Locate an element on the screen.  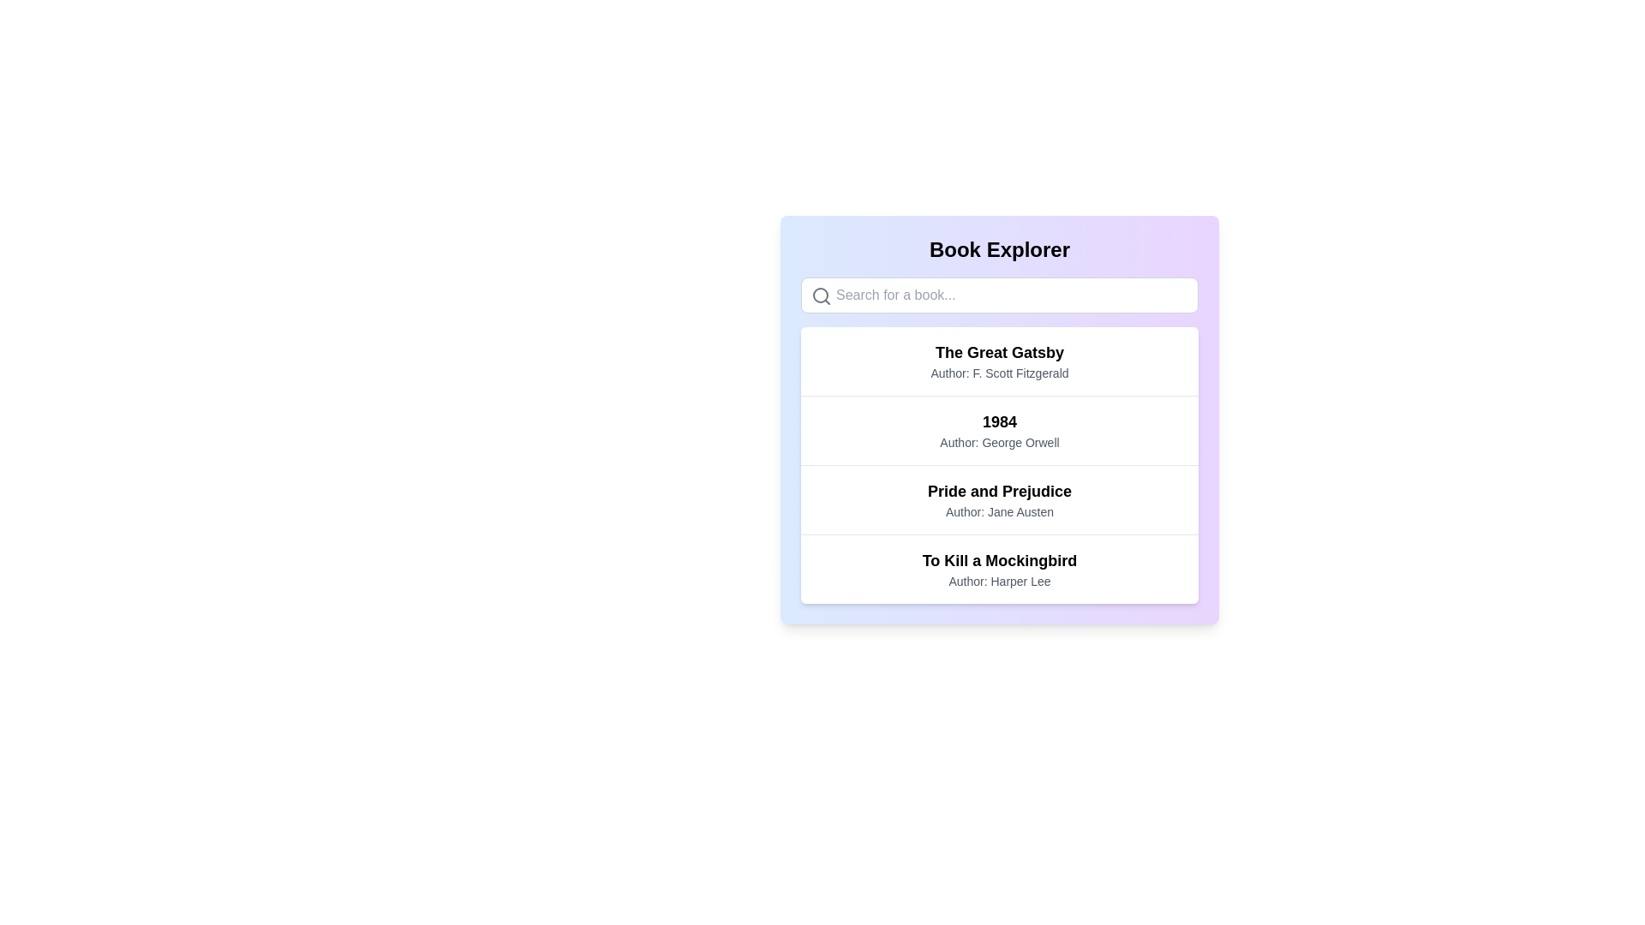
the Text Label displaying 'Pride and Prejudice', which is styled with a bold and larger font size, positioned at the top of the card layout is located at coordinates (999, 492).